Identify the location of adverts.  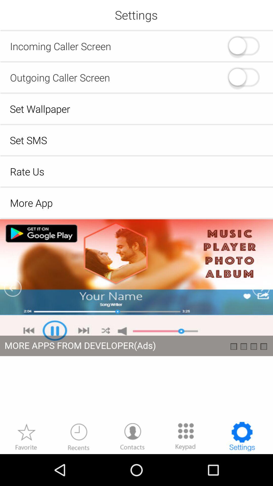
(136, 320).